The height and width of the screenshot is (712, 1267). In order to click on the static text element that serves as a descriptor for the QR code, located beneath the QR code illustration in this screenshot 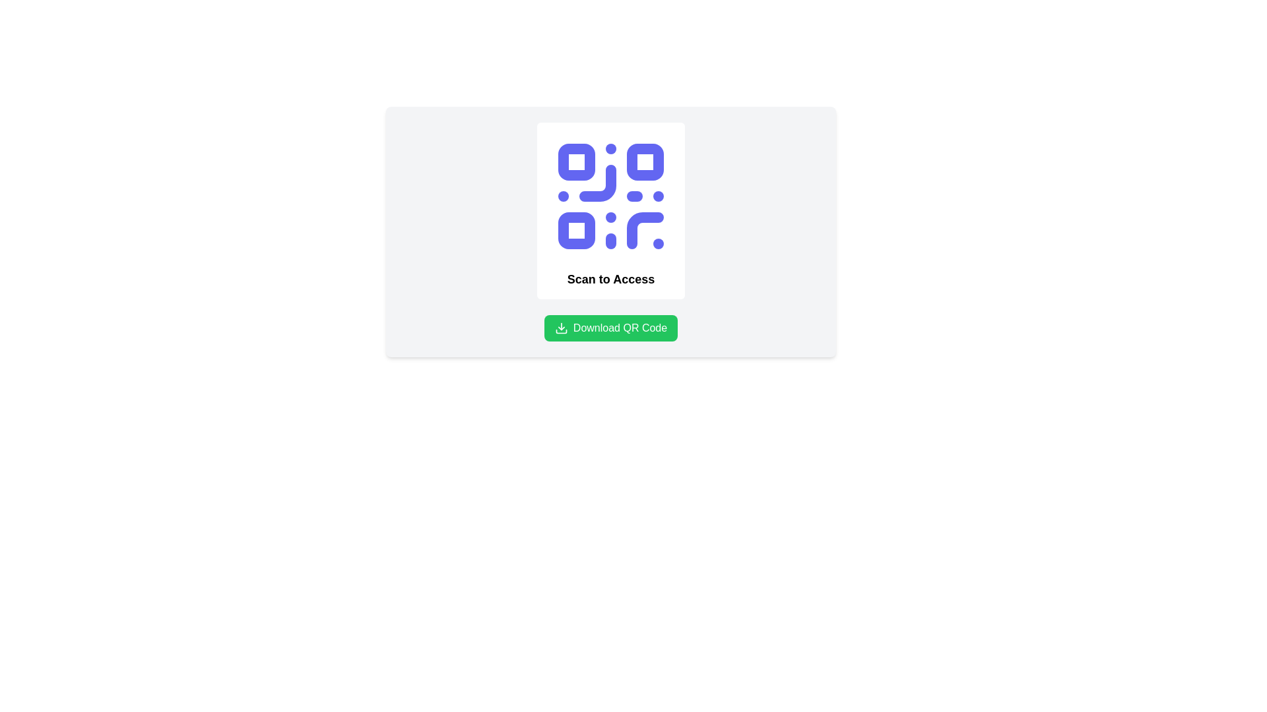, I will do `click(610, 279)`.